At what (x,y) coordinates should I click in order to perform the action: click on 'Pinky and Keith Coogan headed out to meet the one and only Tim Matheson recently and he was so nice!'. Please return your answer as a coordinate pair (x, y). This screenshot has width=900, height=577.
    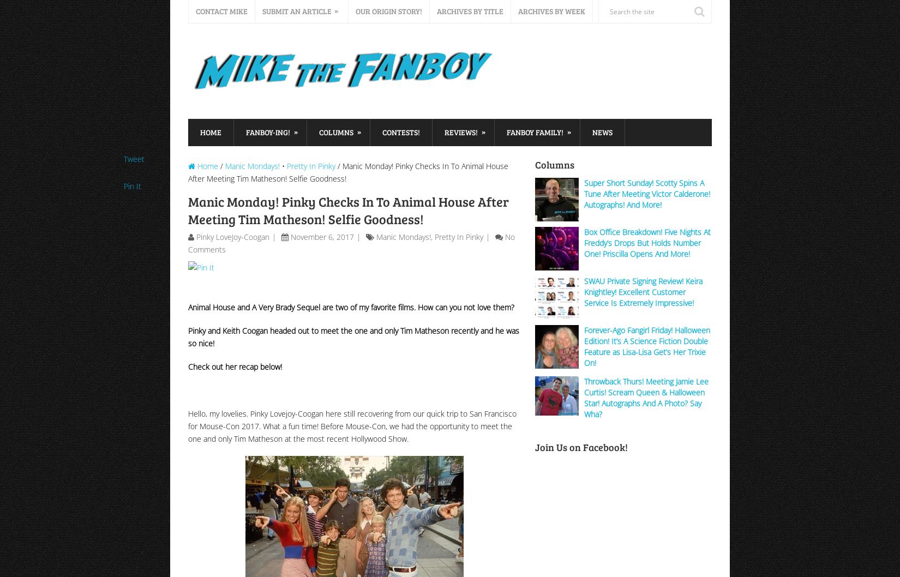
    Looking at the image, I should click on (353, 336).